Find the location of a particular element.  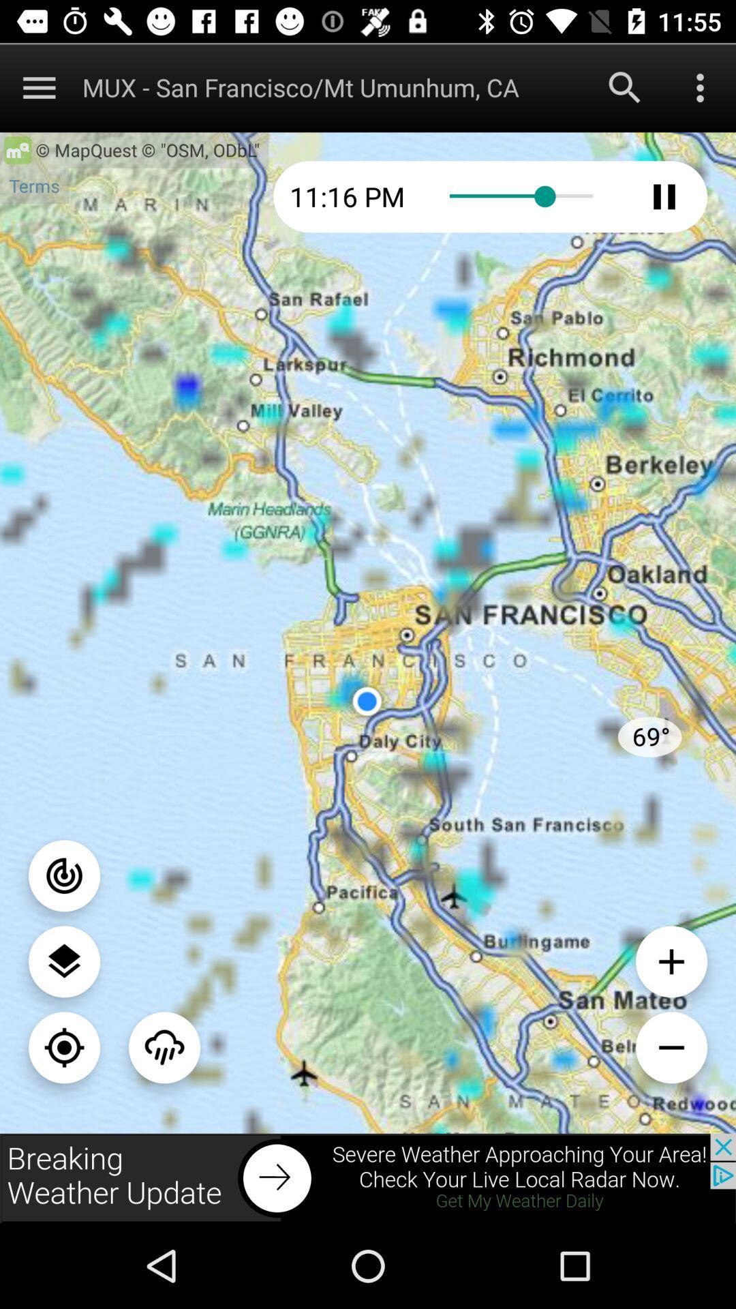

the pause icon is located at coordinates (664, 196).